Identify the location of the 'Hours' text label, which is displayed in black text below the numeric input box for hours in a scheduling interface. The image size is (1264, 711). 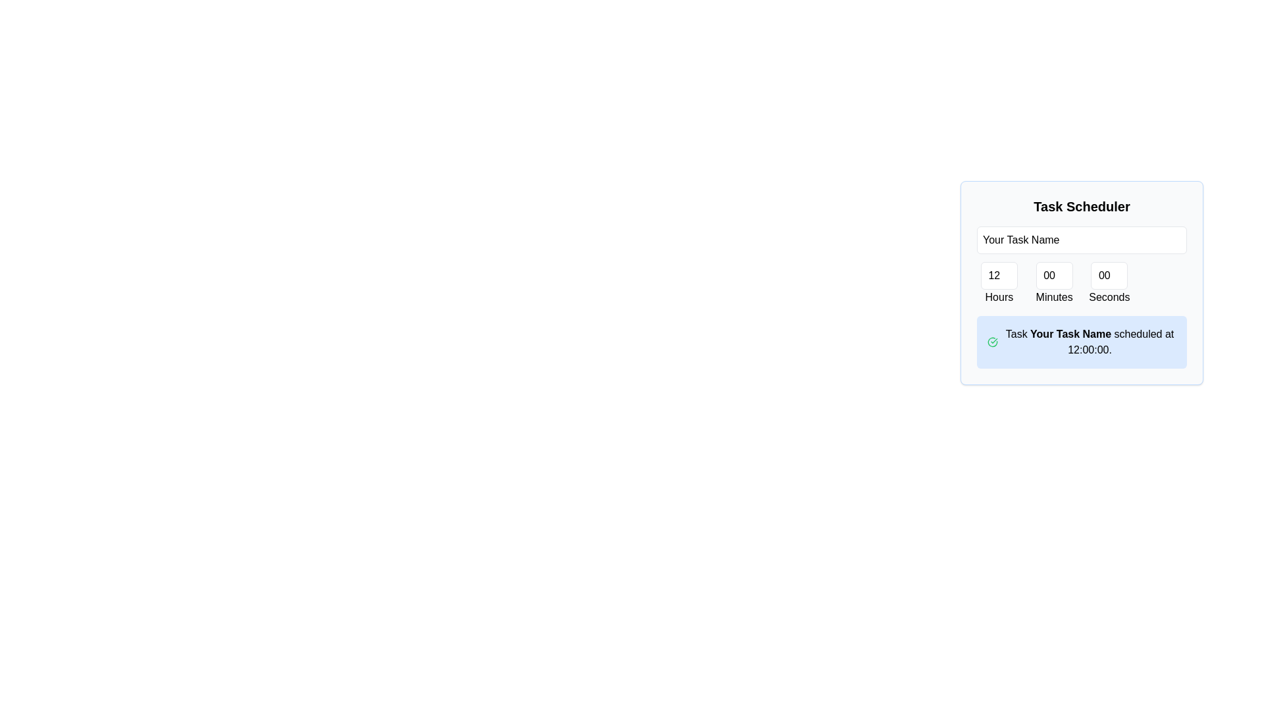
(999, 297).